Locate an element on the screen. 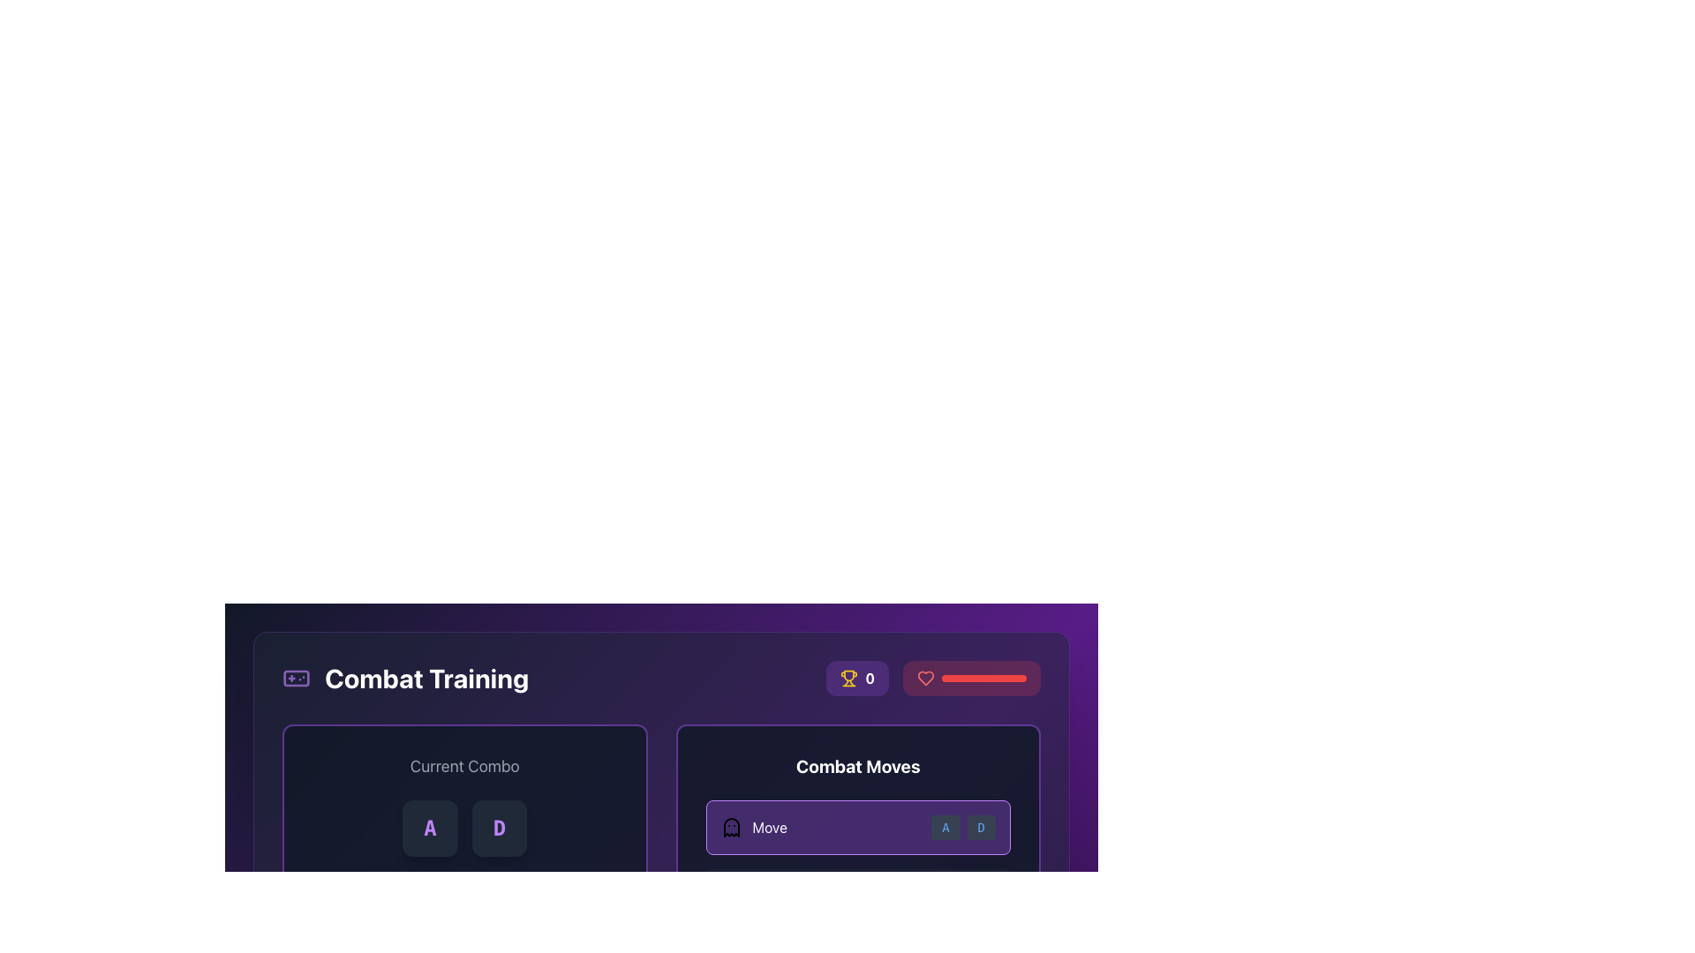 Image resolution: width=1695 pixels, height=953 pixels. the button-like label with a dark gray background and a blue uppercase 'A' in the 'Combat Moves' section is located at coordinates (945, 827).